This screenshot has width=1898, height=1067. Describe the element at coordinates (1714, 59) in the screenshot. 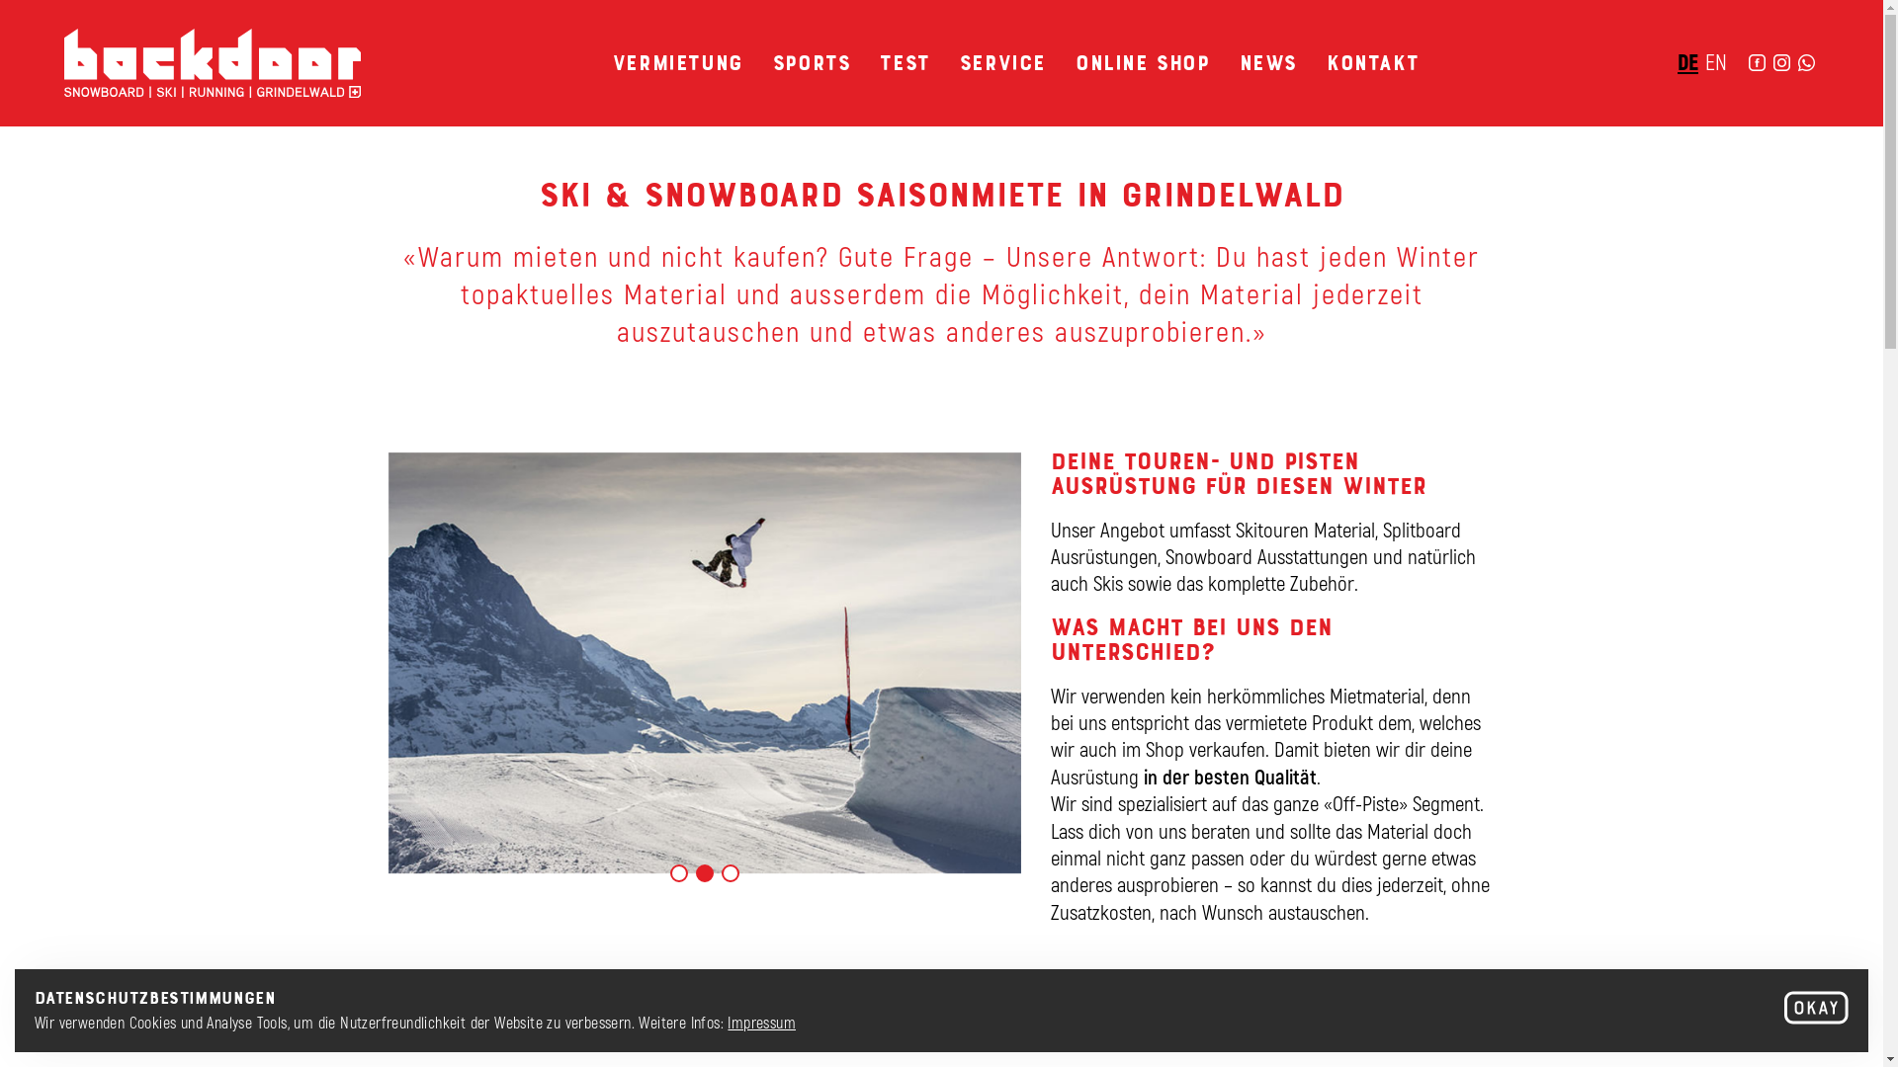

I see `'EN'` at that location.